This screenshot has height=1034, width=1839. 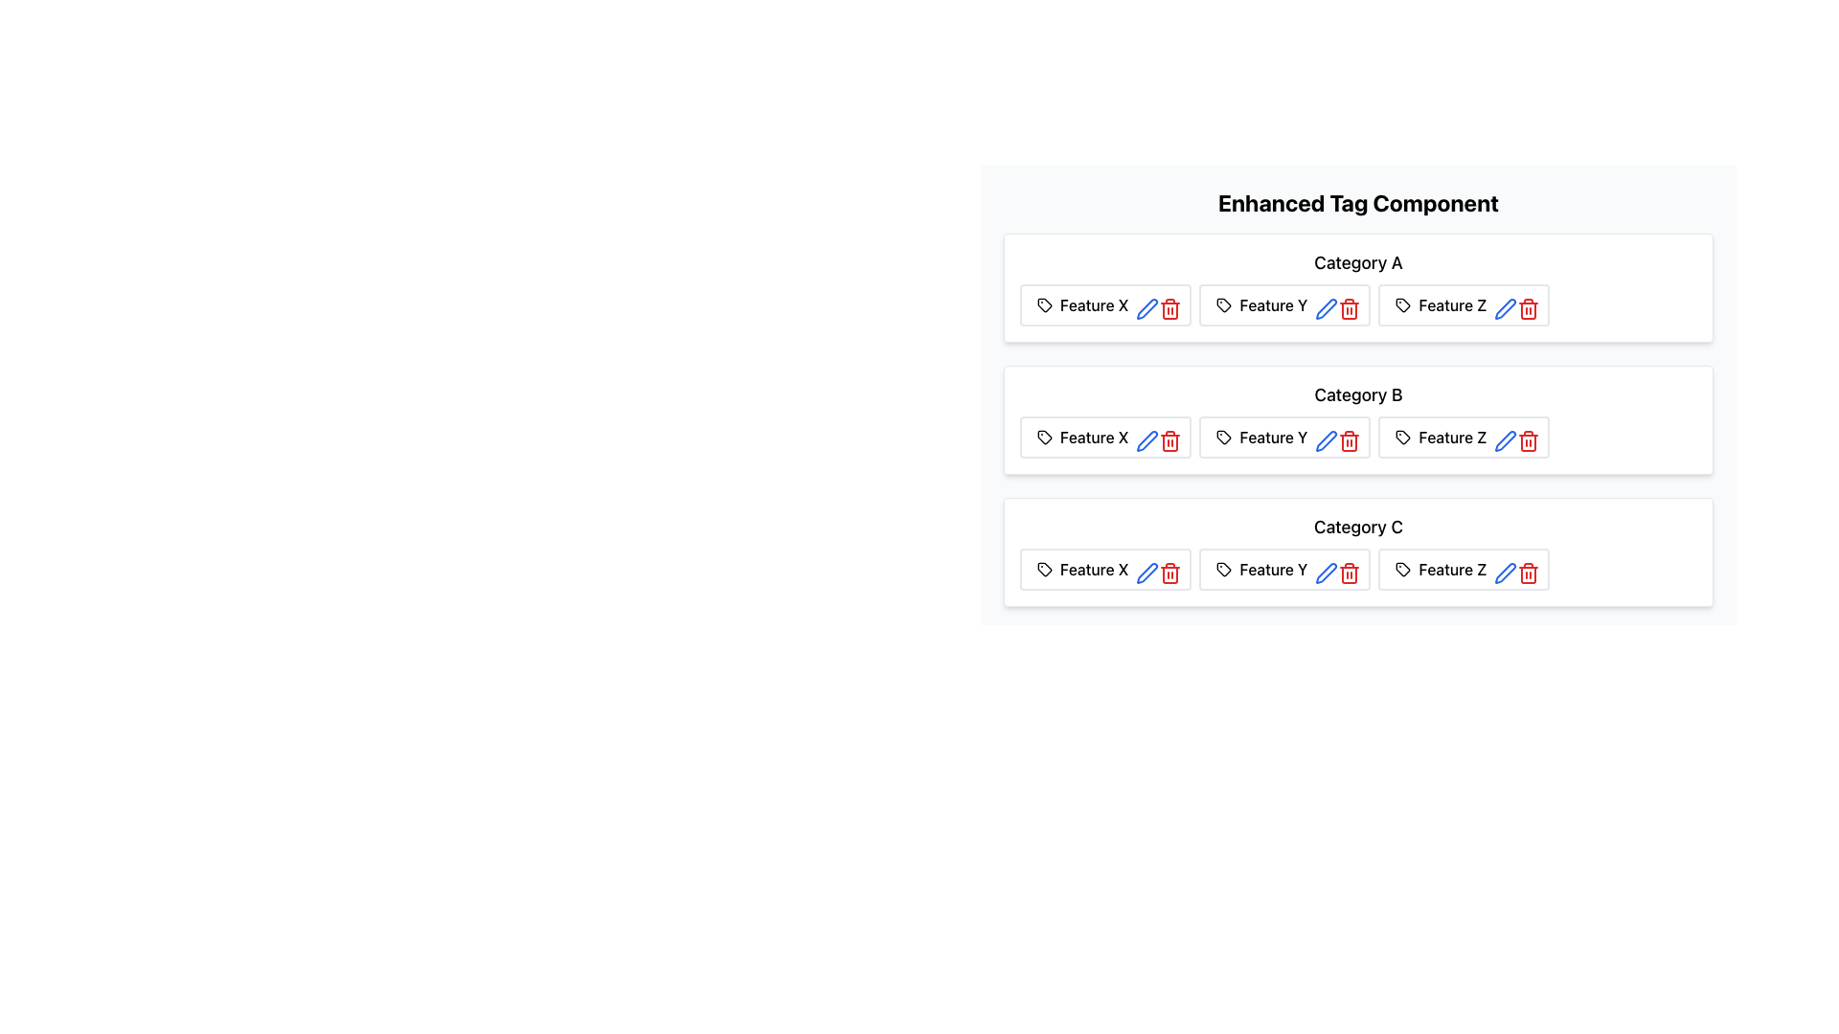 I want to click on the small, purple-colored tag icon located within the labeled rectangular box 'Feature X' in the 'Category A' section, so click(x=1043, y=304).